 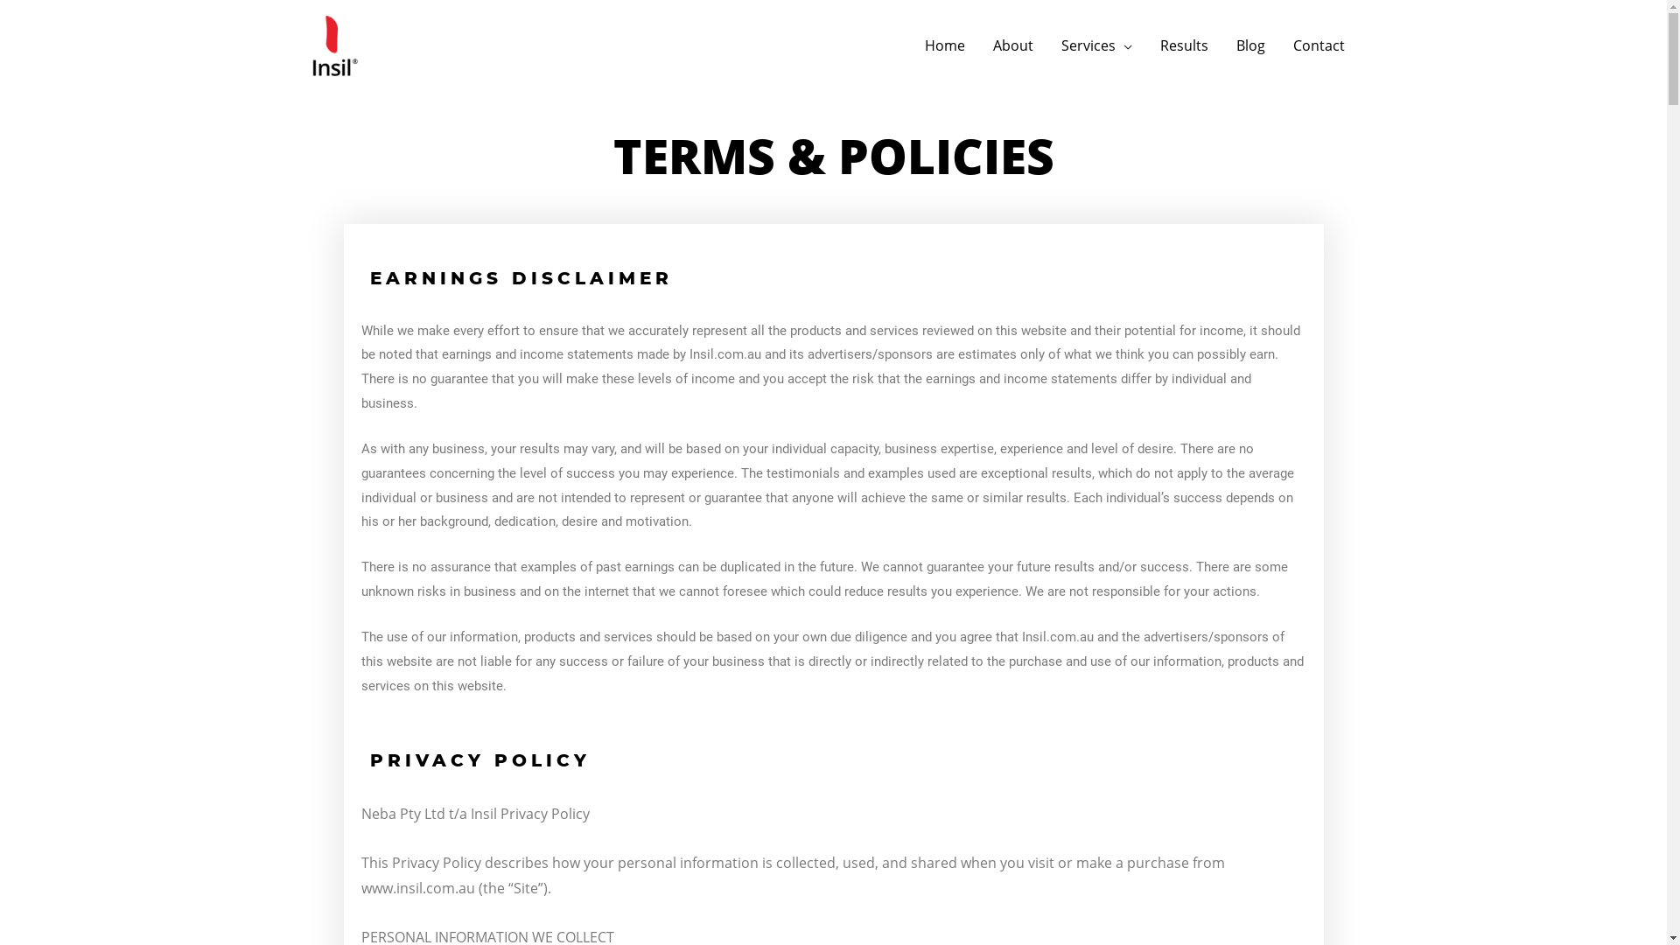 I want to click on 'Contact', so click(x=1319, y=44).